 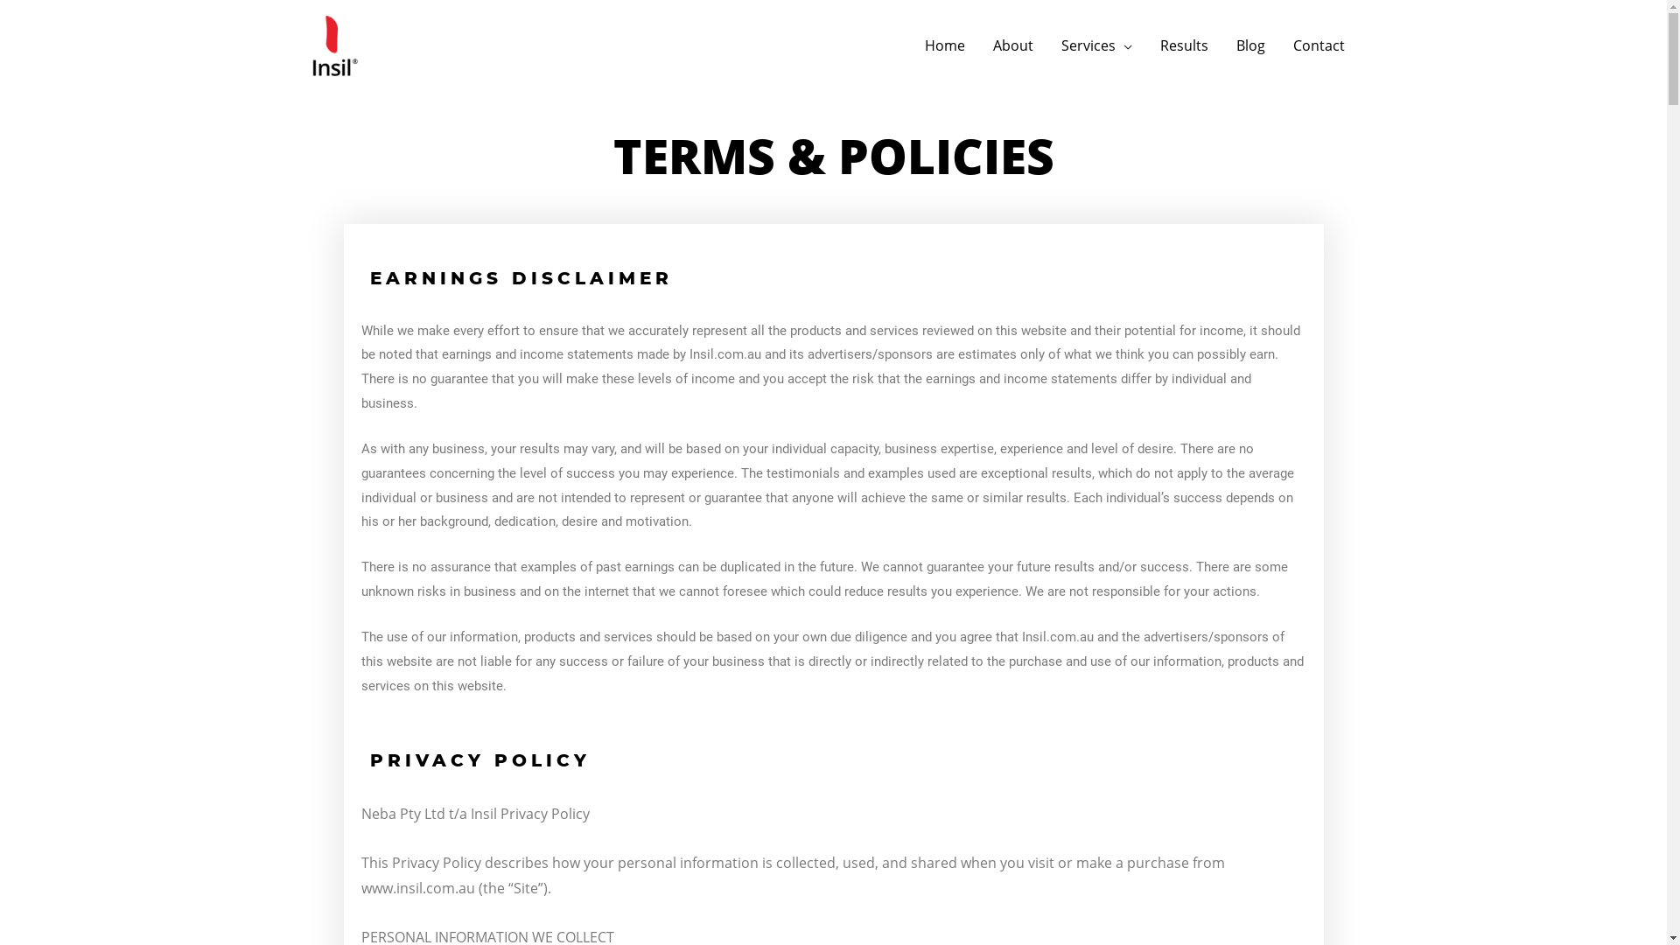 I want to click on 'Contact', so click(x=1319, y=44).